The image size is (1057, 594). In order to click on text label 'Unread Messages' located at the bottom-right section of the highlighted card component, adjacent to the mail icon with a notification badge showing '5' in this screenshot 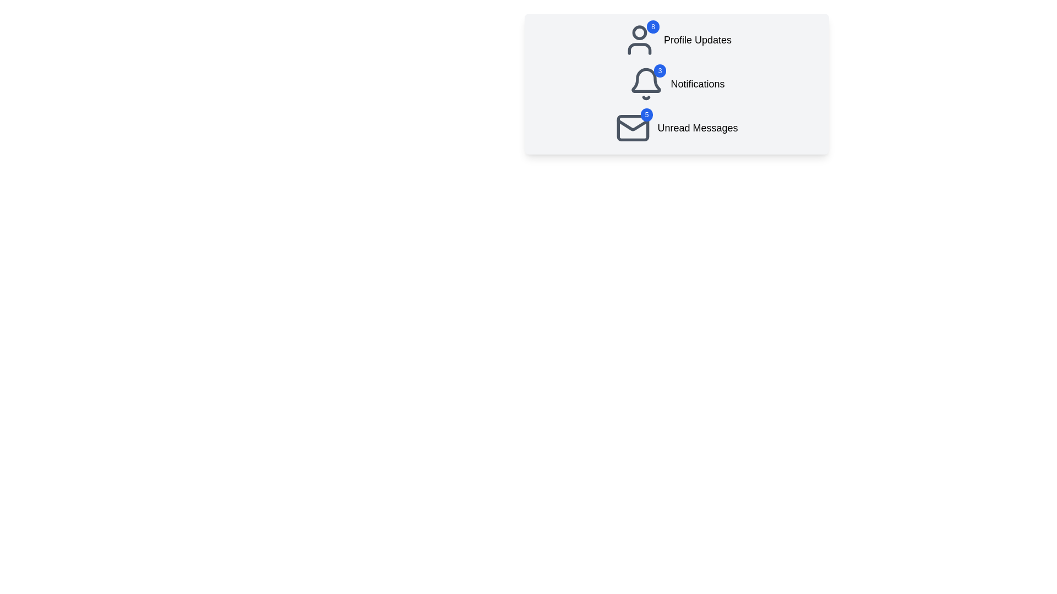, I will do `click(697, 127)`.